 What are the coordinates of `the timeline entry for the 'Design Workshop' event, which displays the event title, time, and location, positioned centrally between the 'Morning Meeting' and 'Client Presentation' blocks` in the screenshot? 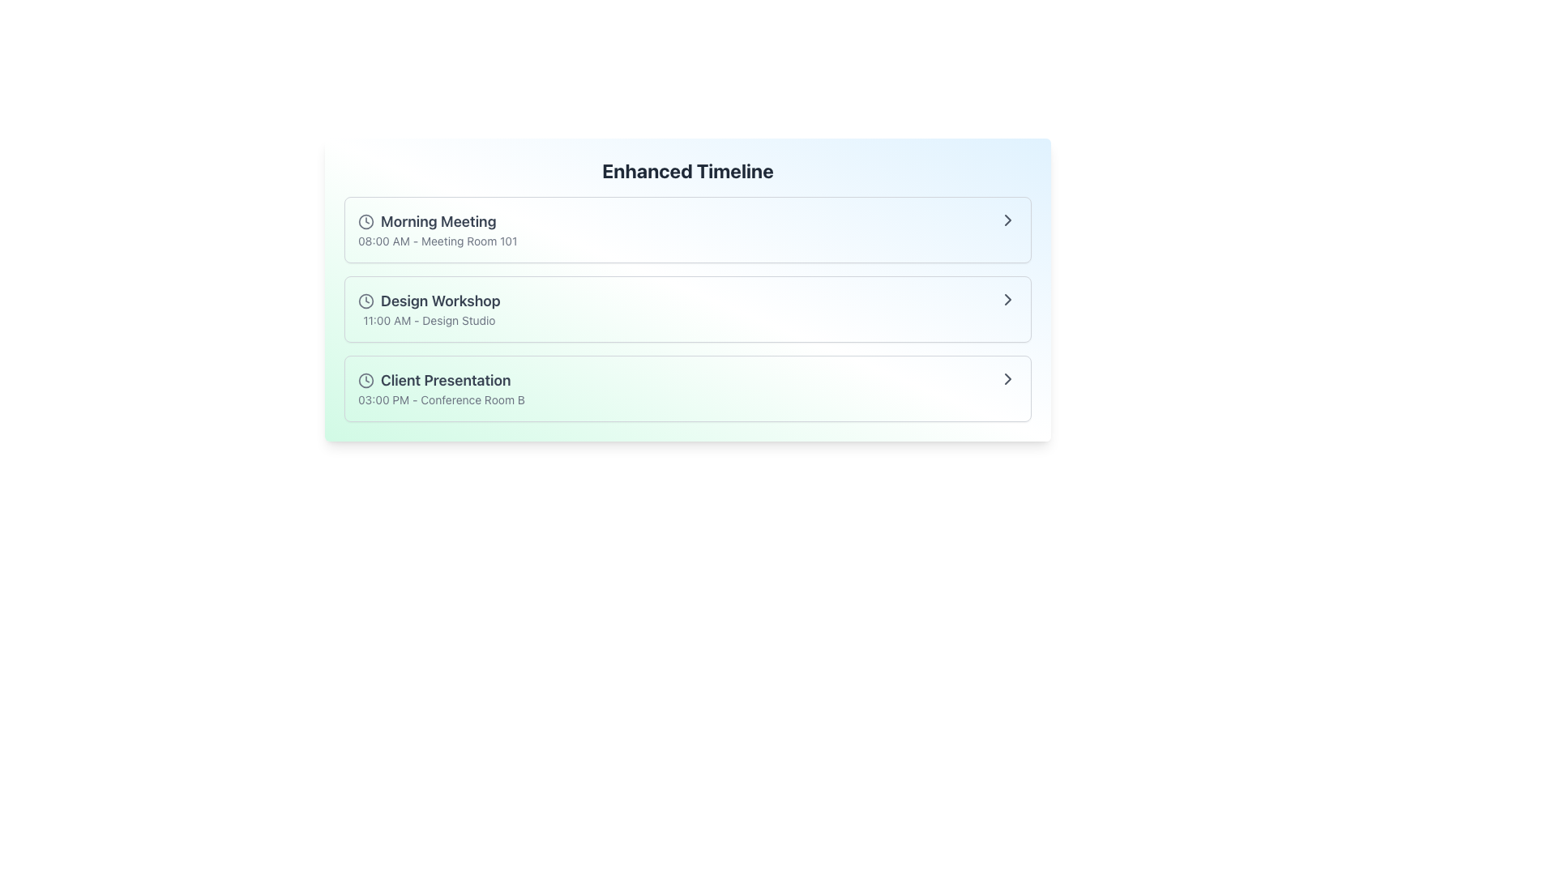 It's located at (688, 289).